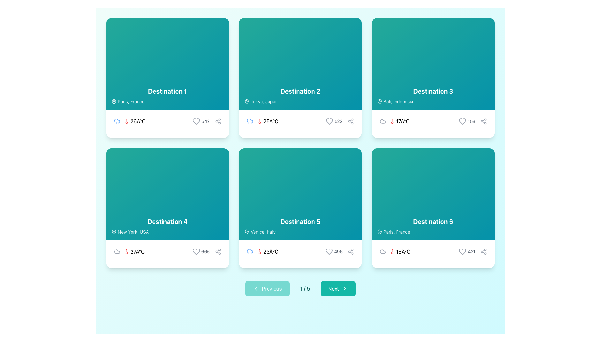 The width and height of the screenshot is (613, 345). I want to click on the bold, white text element that says 'Destination 1', located in the upper-left corner of a grid layout, so click(167, 91).